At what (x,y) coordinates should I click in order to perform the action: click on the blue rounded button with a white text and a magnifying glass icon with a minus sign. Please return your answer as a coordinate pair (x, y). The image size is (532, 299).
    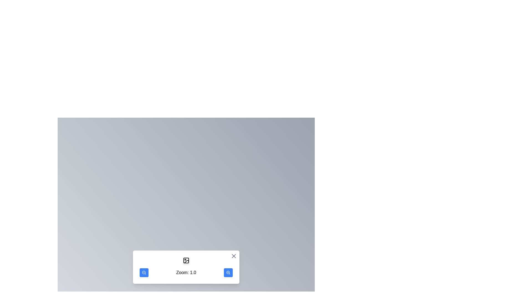
    Looking at the image, I should click on (144, 272).